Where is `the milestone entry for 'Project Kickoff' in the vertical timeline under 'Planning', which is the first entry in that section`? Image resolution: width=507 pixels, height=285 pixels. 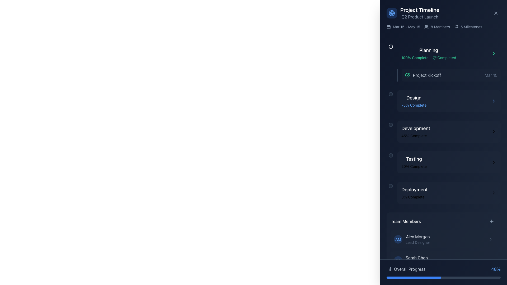
the milestone entry for 'Project Kickoff' in the vertical timeline under 'Planning', which is the first entry in that section is located at coordinates (451, 75).